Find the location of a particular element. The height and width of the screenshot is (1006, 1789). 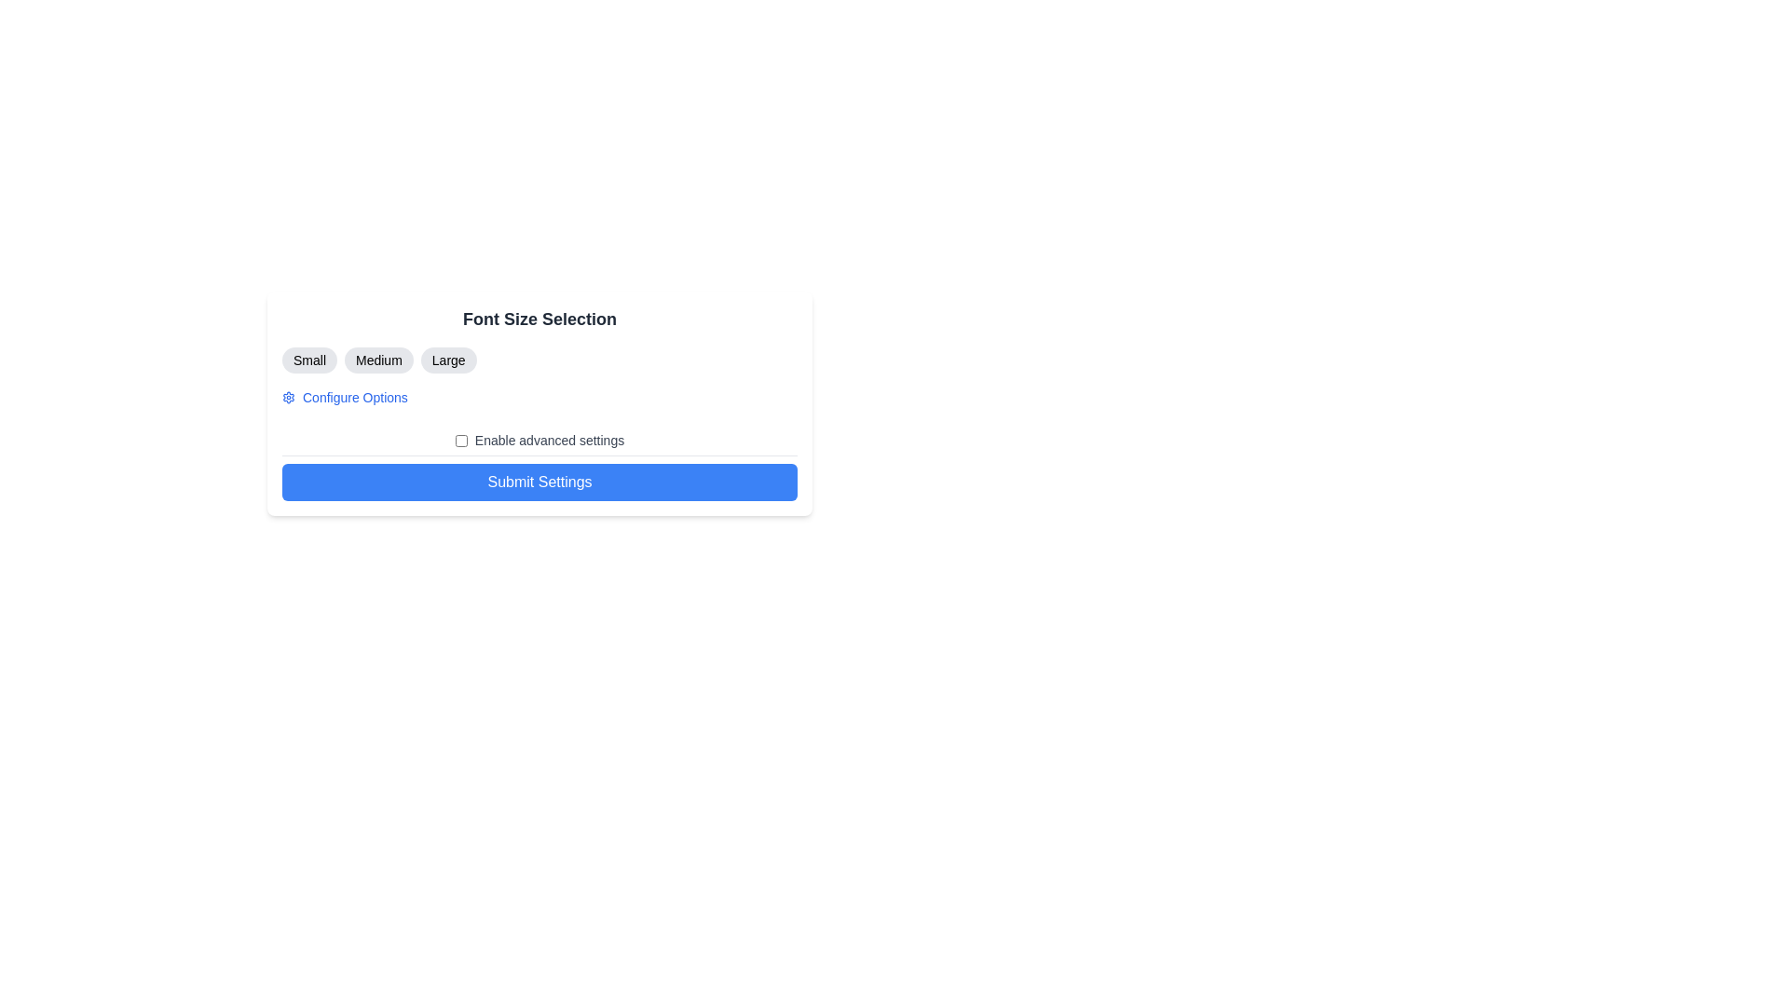

the 'Configure Options' button link with a settings icon is located at coordinates (345, 397).